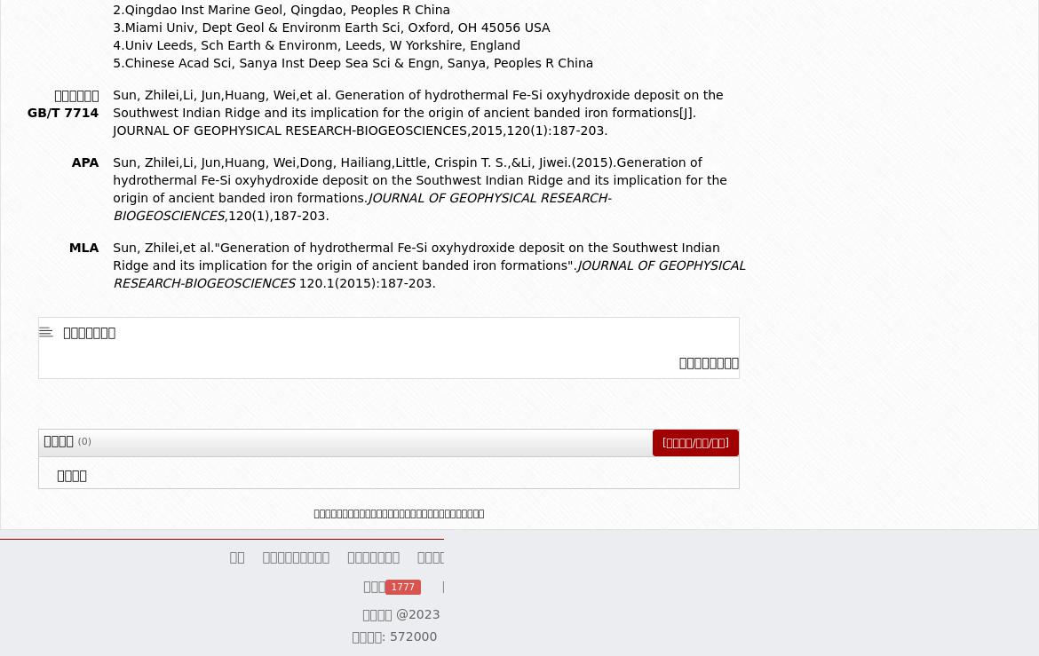  Describe the element at coordinates (402, 612) in the screenshot. I see `'版权所有 @2023'` at that location.